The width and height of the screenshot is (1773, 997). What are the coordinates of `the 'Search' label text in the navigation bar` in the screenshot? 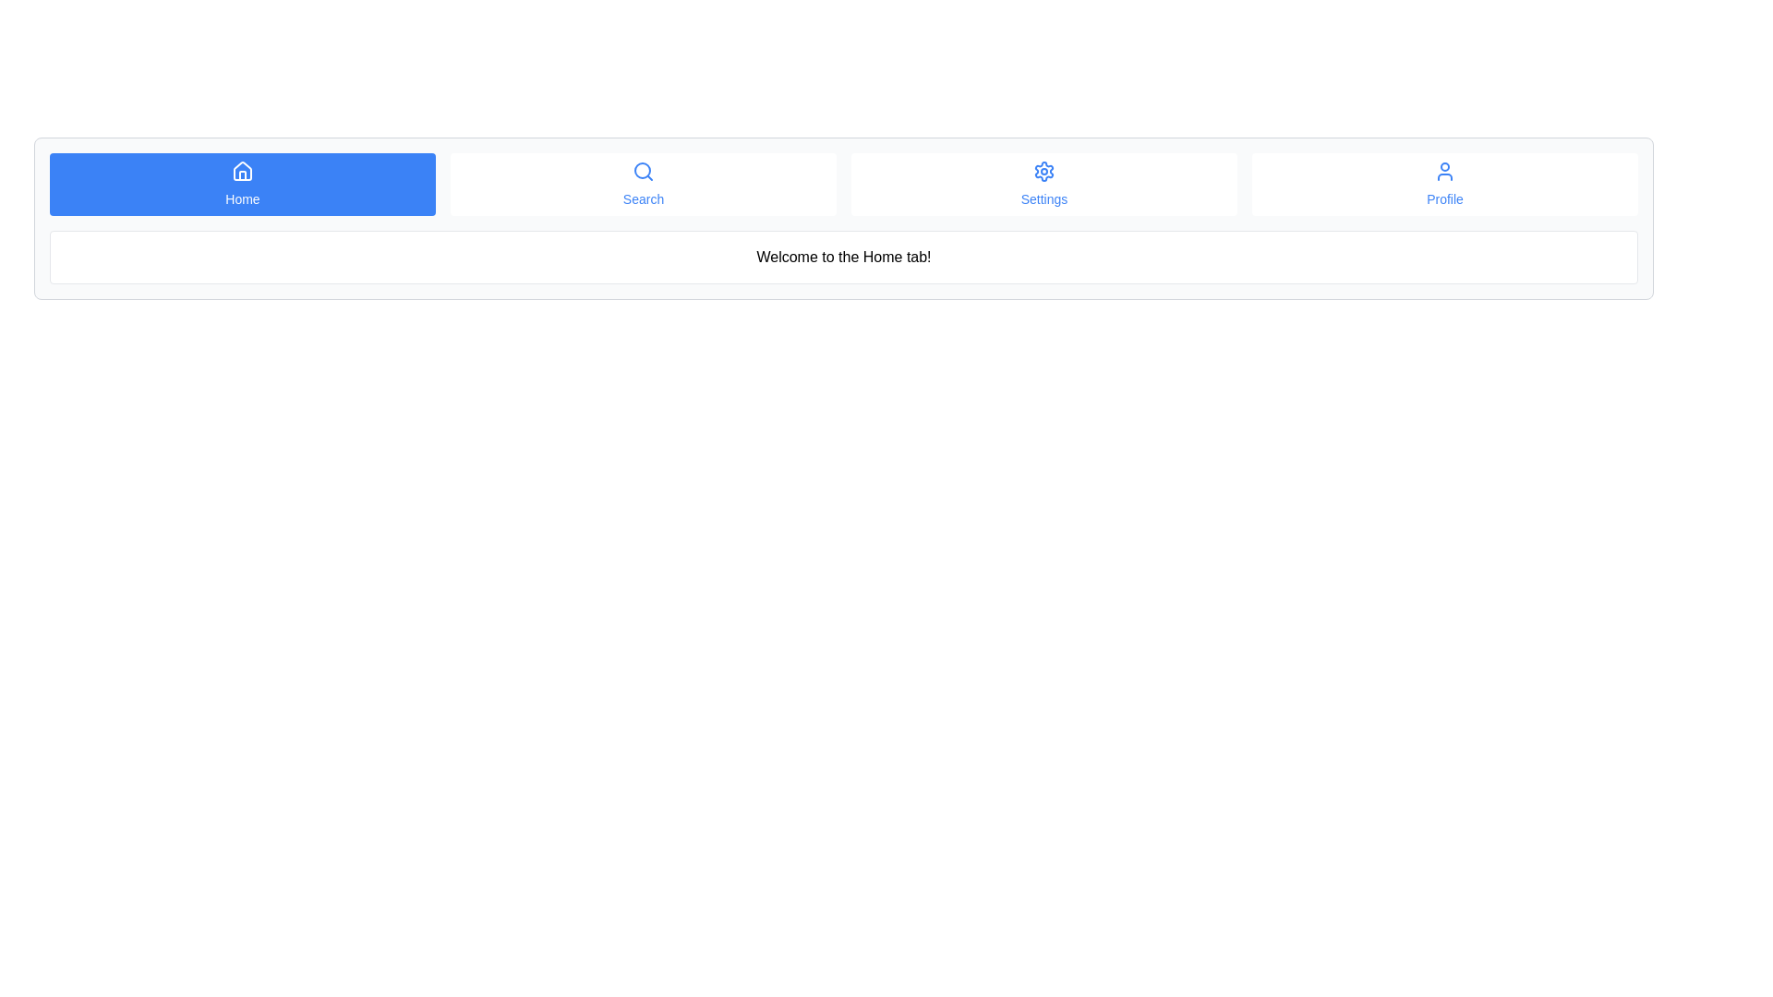 It's located at (643, 199).